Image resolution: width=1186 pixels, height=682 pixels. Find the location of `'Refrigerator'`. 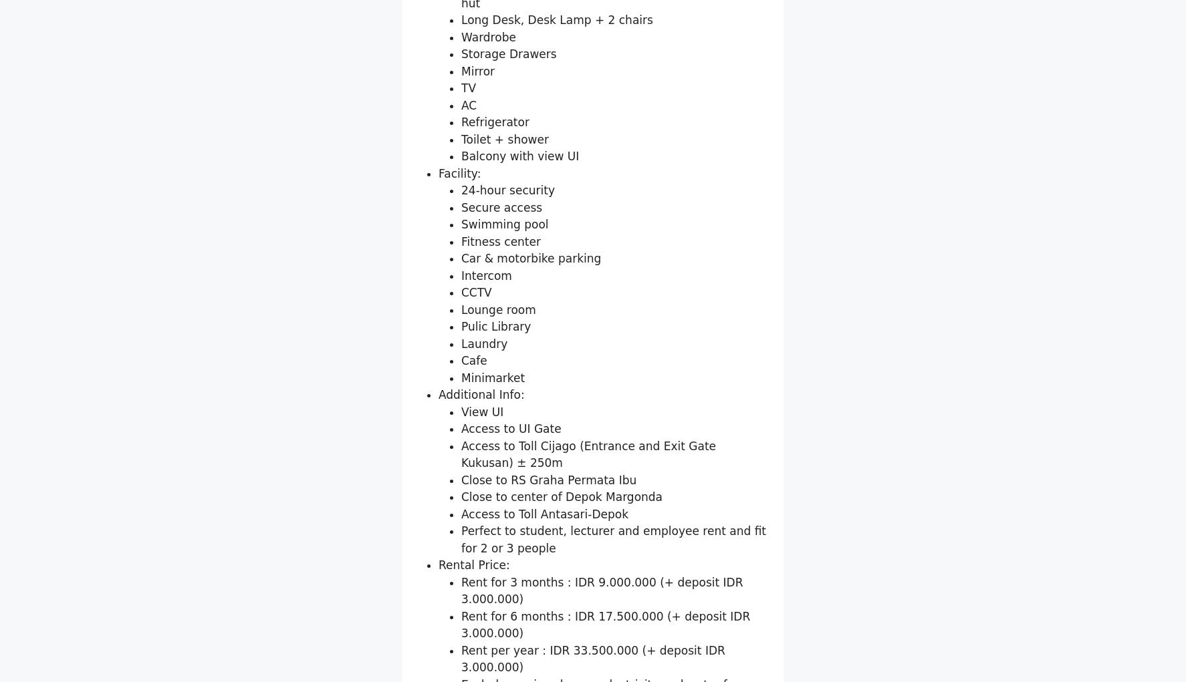

'Refrigerator' is located at coordinates (494, 277).